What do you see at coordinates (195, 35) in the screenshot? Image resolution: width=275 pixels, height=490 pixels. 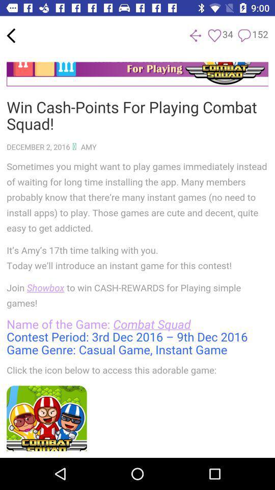 I see `next` at bounding box center [195, 35].